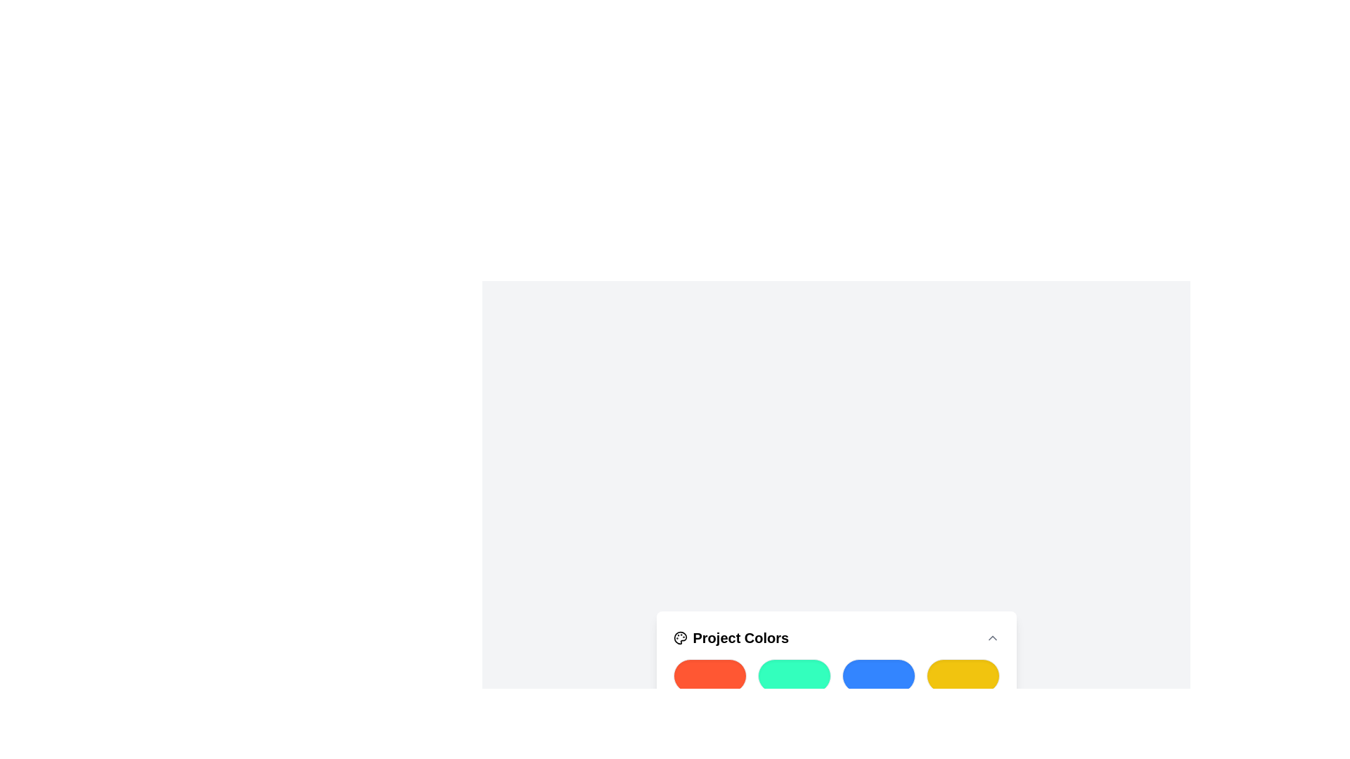  Describe the element at coordinates (991, 637) in the screenshot. I see `the interactive Chevron Icon pointing upwards, located in the upper-right corner of the 'Project Colors' section` at that location.